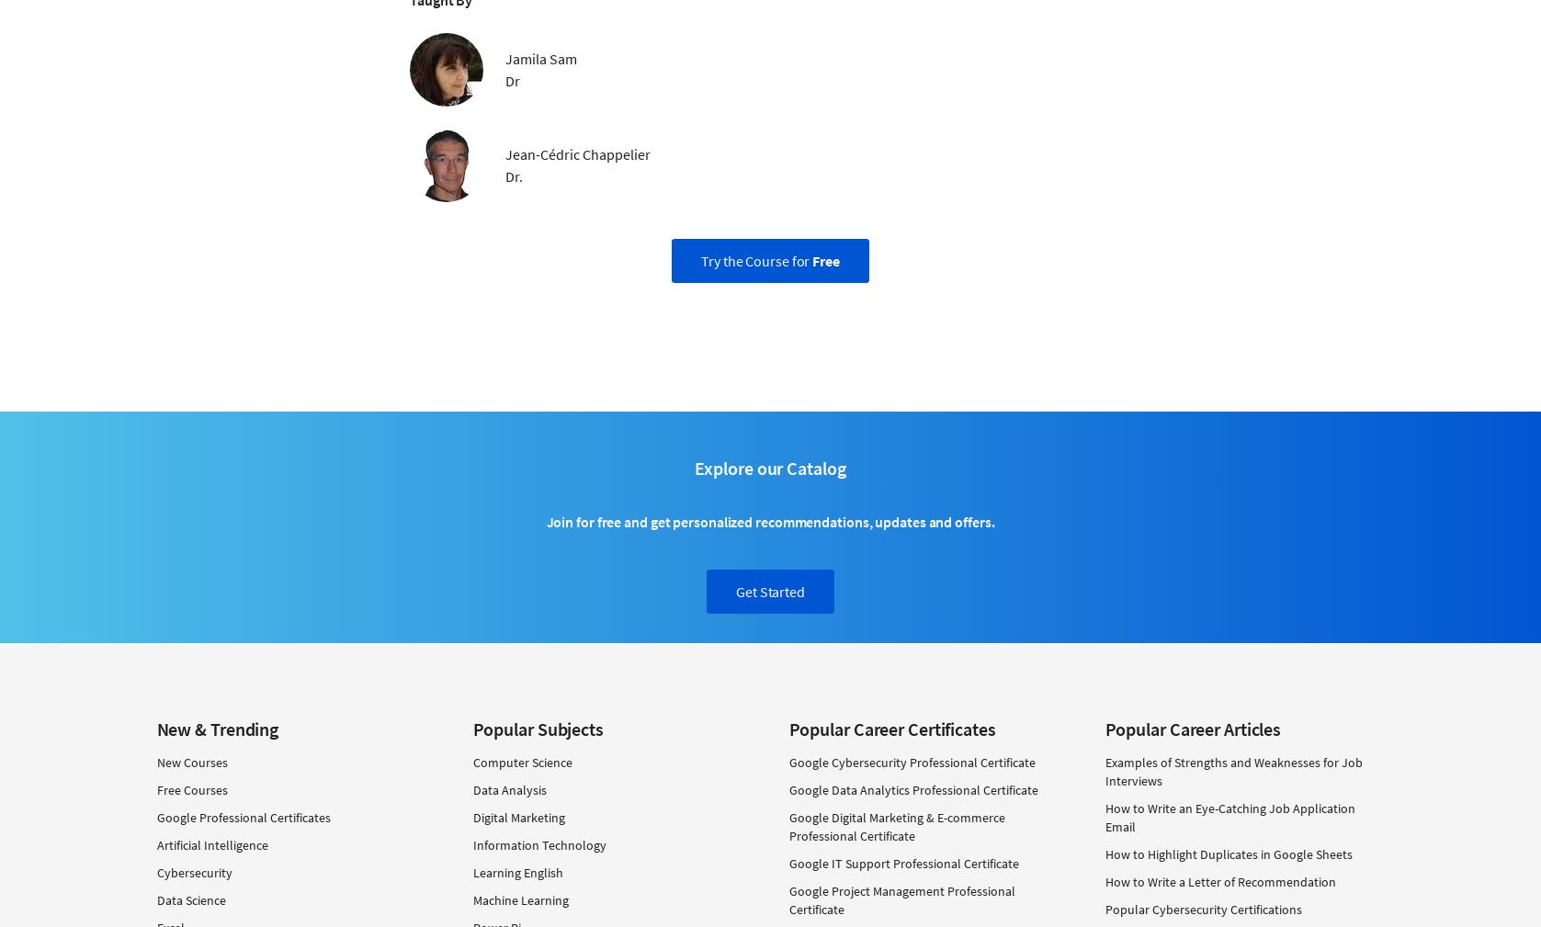  I want to click on 'Jamila Sam', so click(540, 56).